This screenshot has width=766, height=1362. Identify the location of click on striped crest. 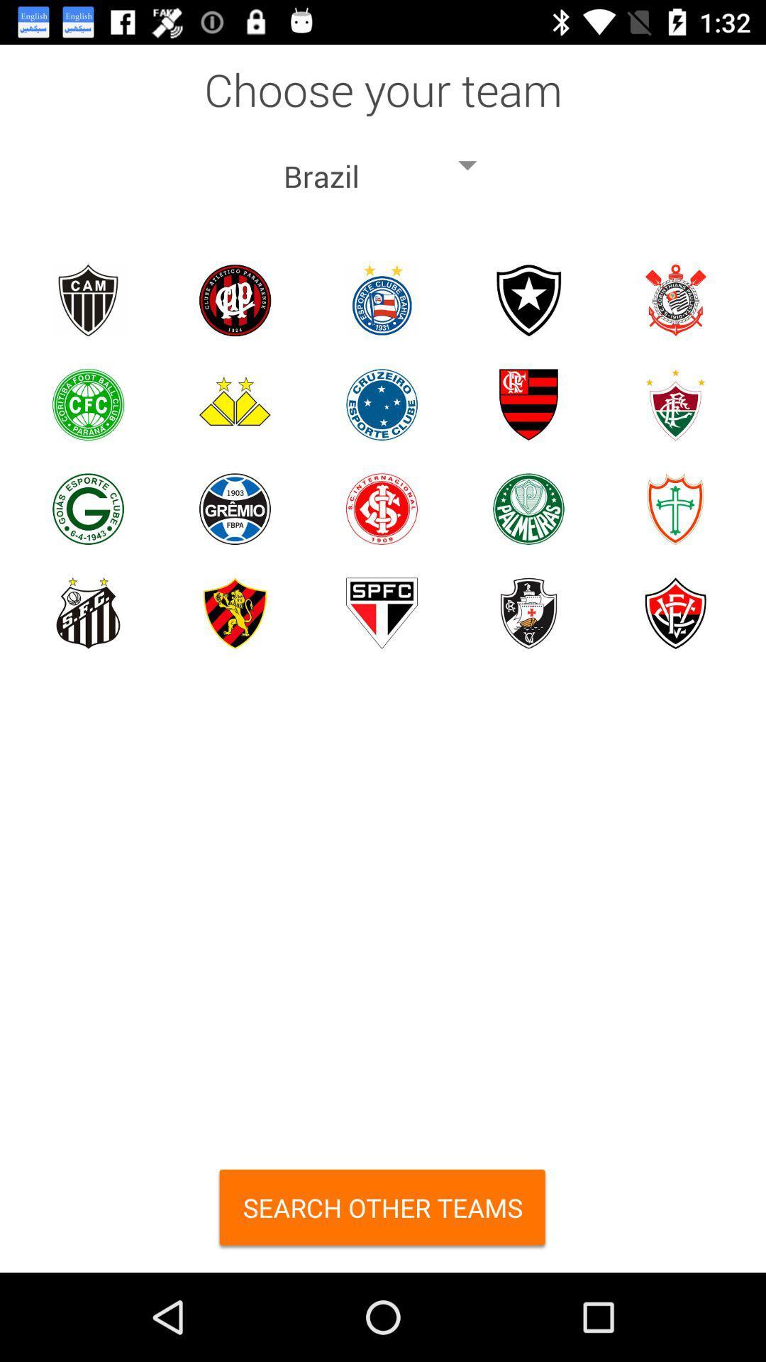
(528, 404).